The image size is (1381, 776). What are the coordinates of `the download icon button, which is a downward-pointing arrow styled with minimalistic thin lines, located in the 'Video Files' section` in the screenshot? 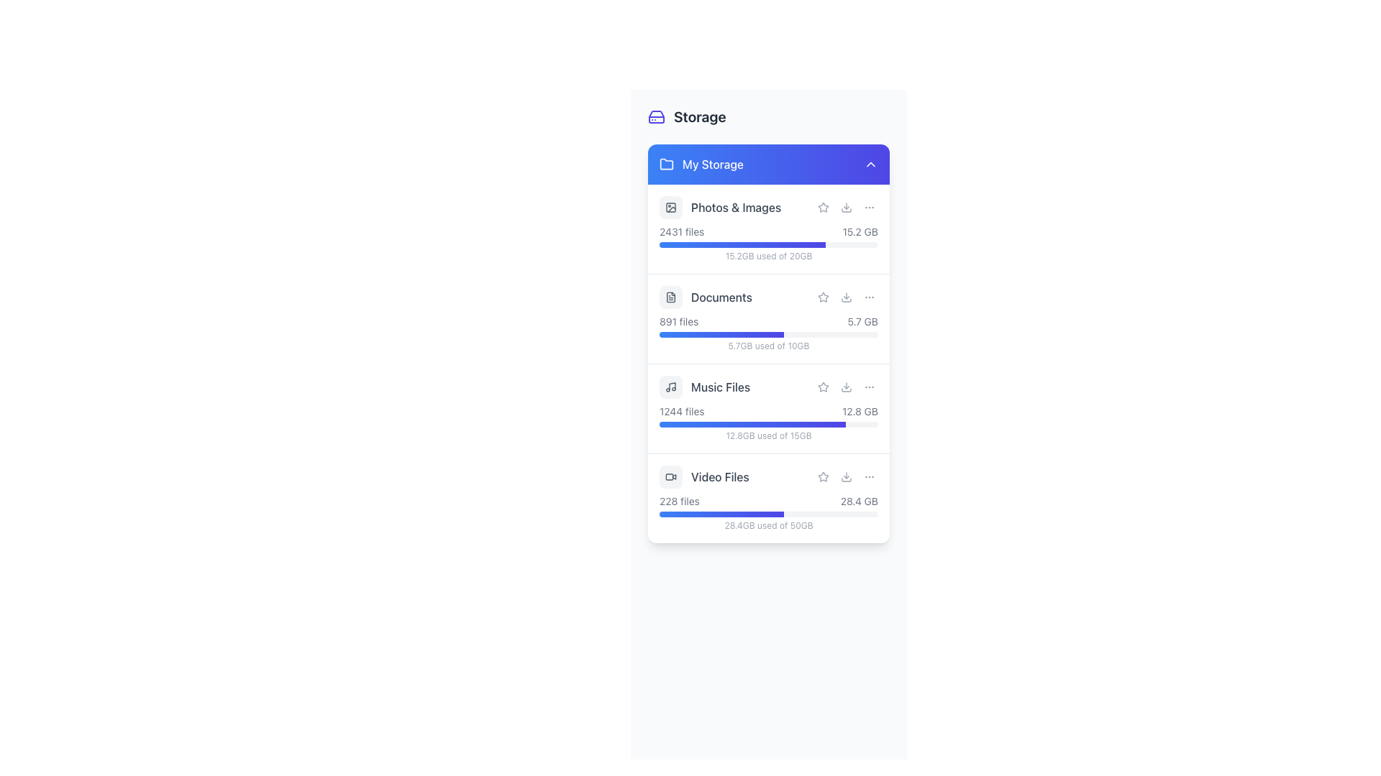 It's located at (846, 476).